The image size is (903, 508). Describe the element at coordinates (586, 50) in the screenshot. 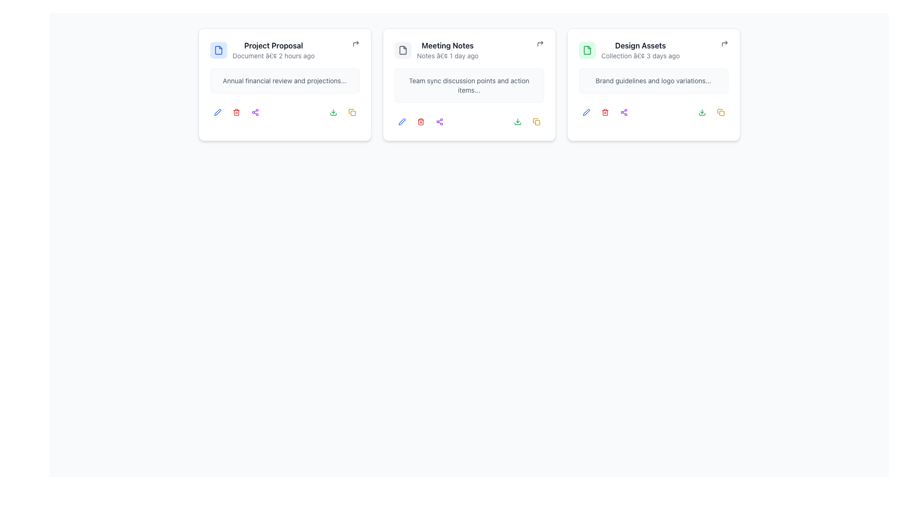

I see `the distinctive green icon with a white document depiction located in the top-left corner of the 'Design Assets' card` at that location.